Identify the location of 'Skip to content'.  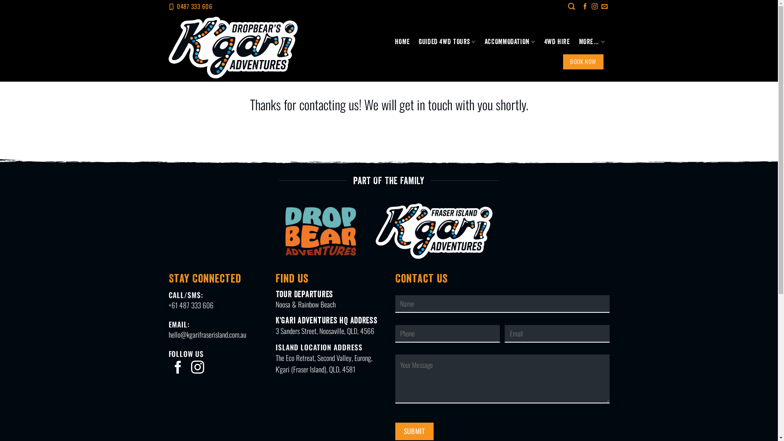
(0, 0).